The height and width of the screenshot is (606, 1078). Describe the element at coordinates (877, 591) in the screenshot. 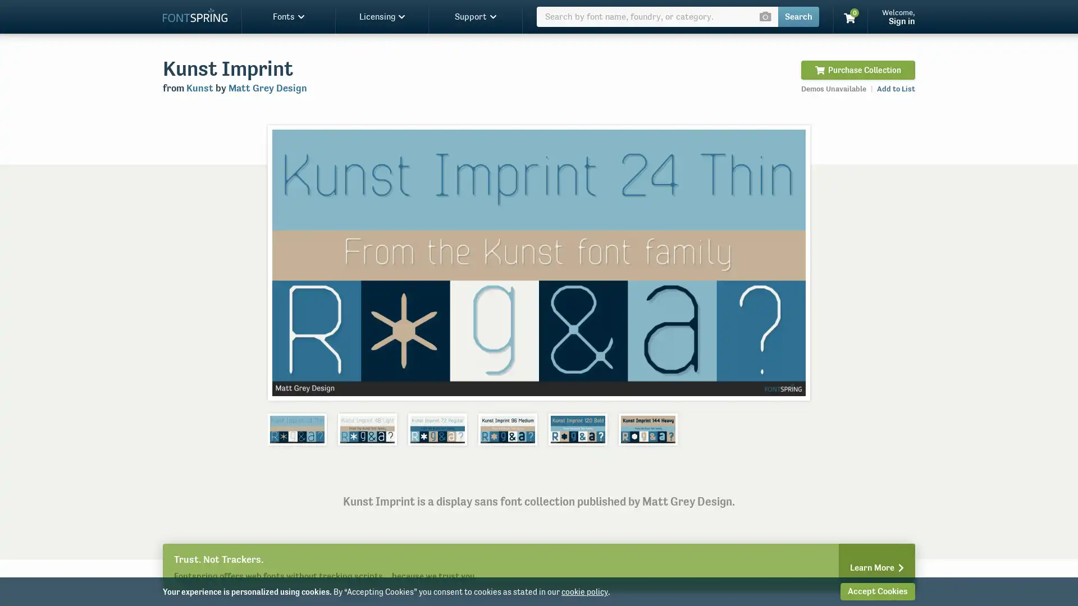

I see `Accept Cookies` at that location.